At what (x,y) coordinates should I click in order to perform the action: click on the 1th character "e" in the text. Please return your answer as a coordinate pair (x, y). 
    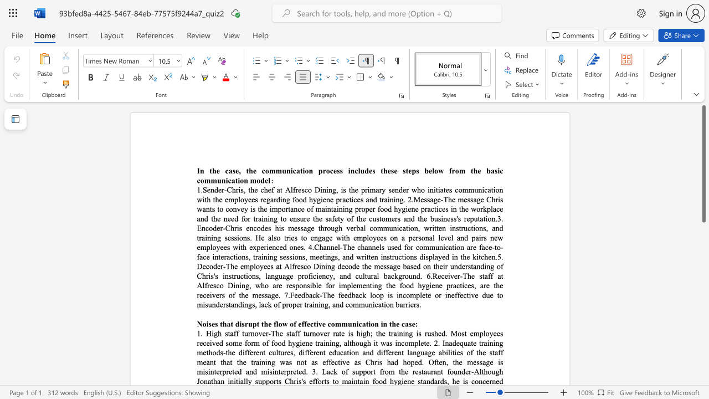
    Looking at the image, I should click on (320, 275).